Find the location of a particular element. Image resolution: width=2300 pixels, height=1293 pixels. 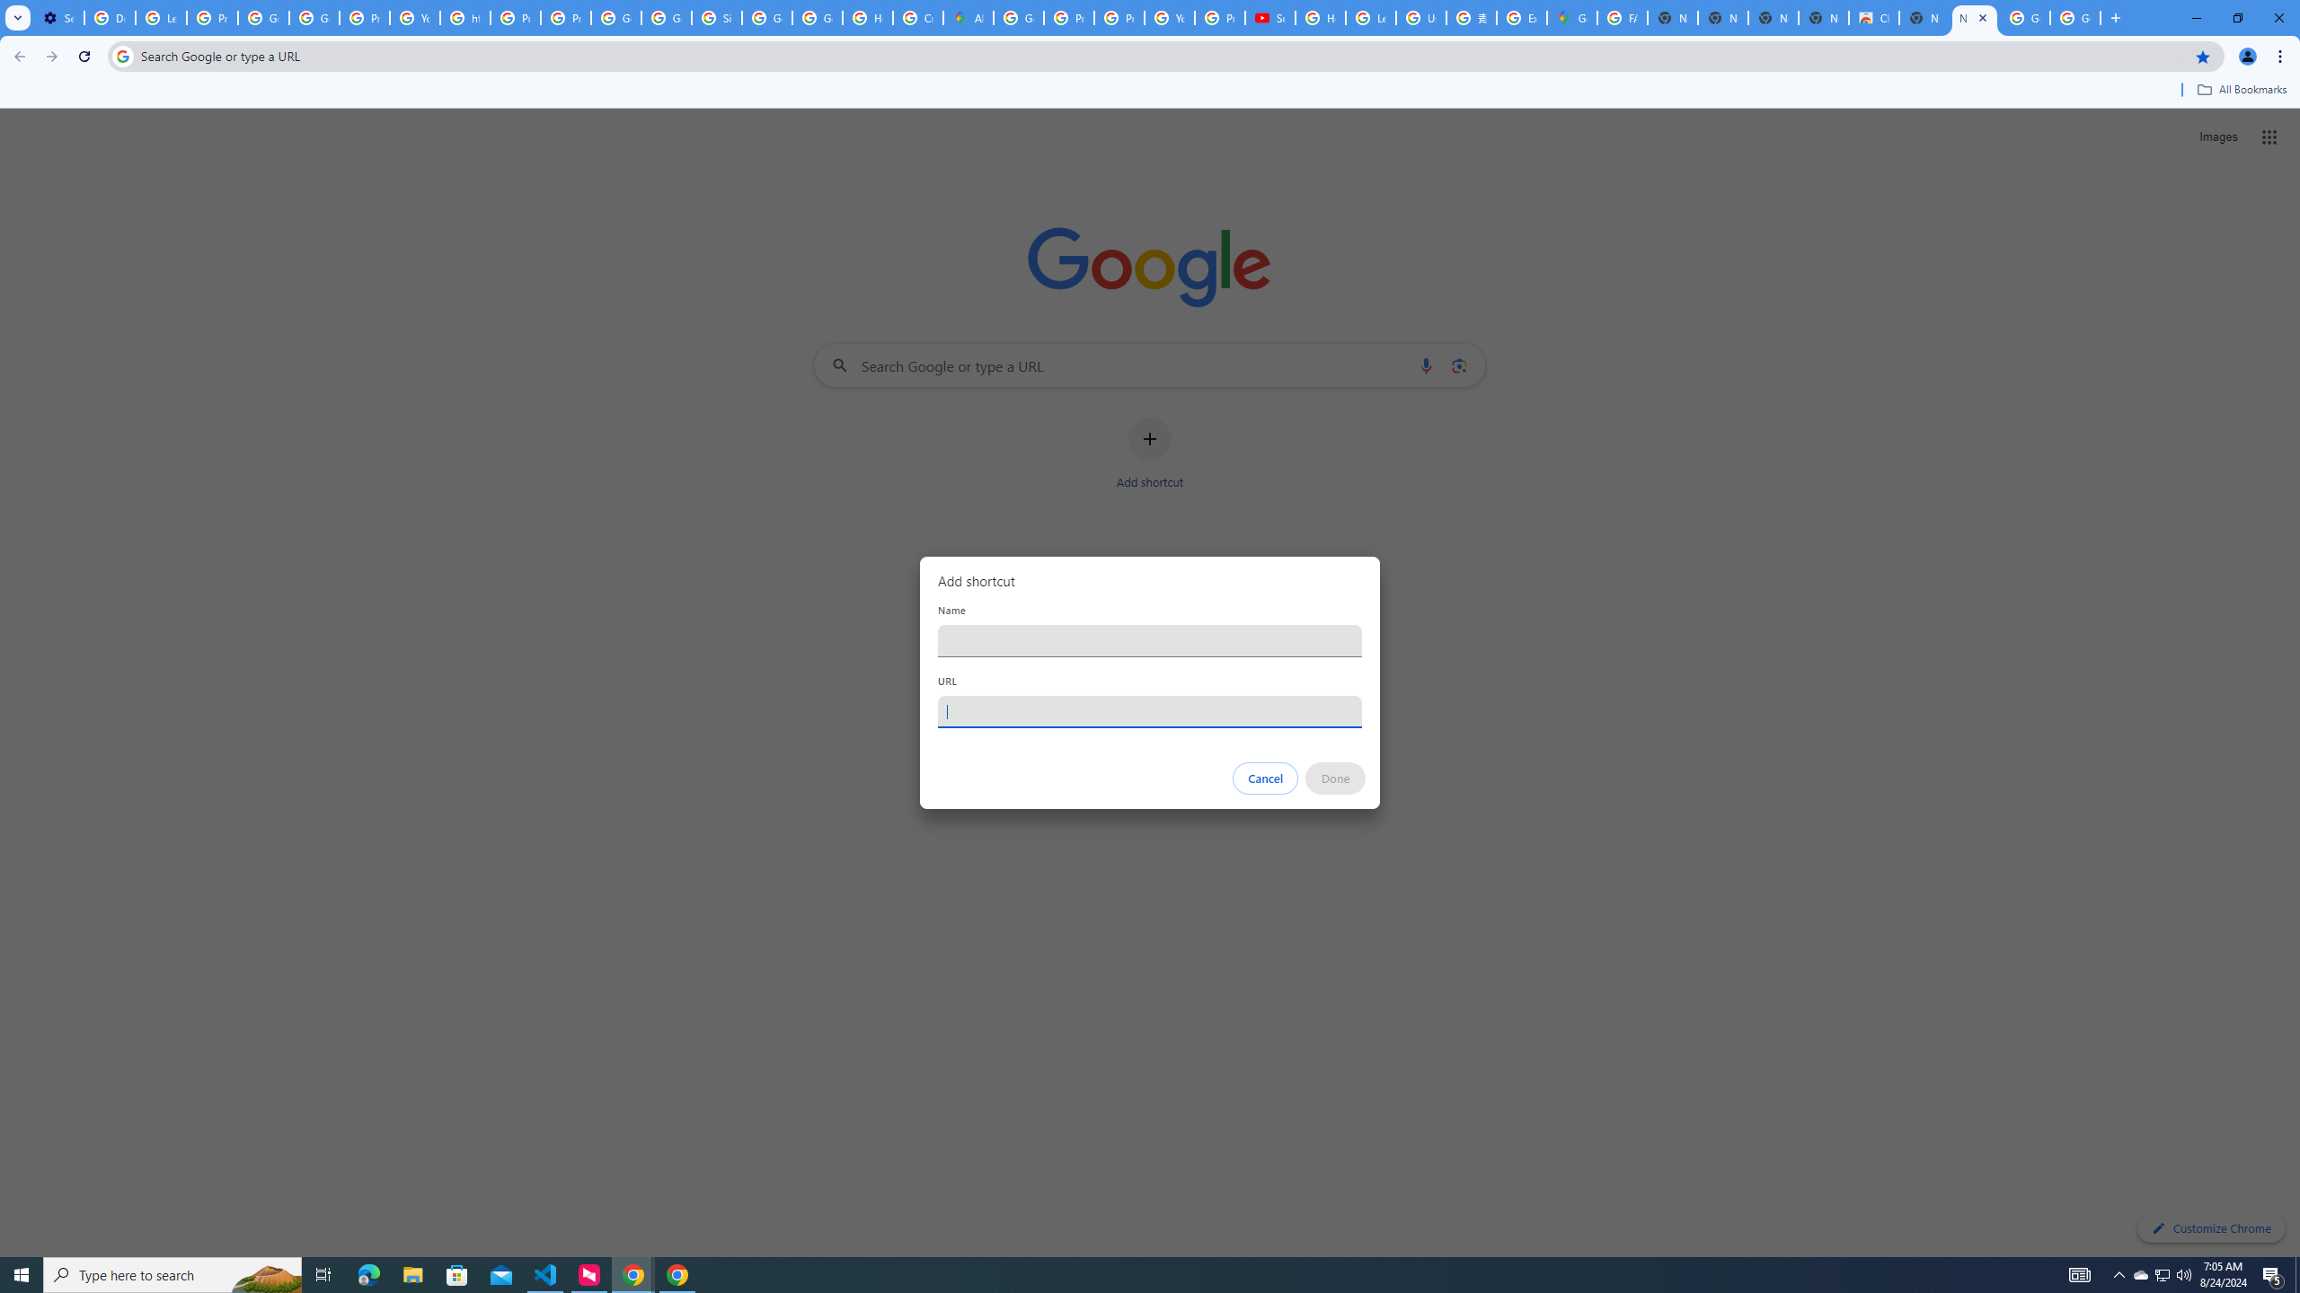

'Google Images' is located at coordinates (2075, 17).